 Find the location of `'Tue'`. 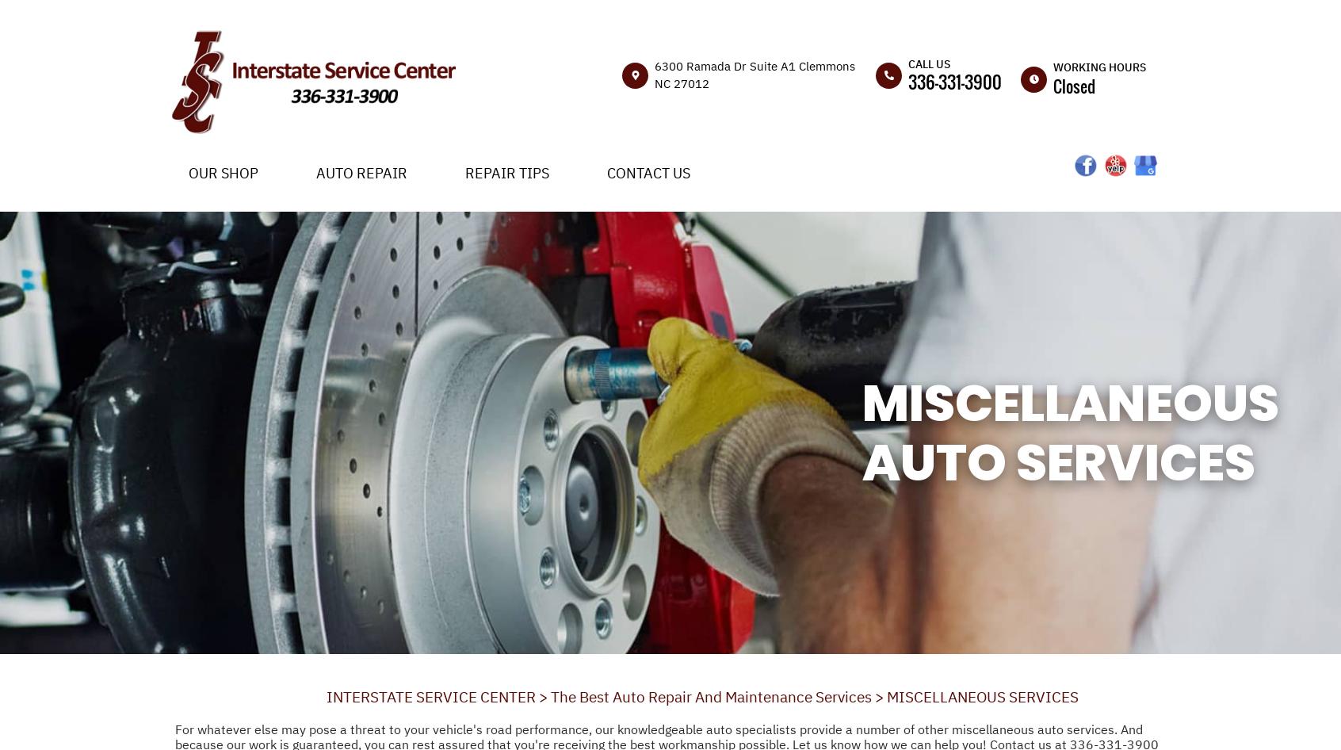

'Tue' is located at coordinates (1041, 169).